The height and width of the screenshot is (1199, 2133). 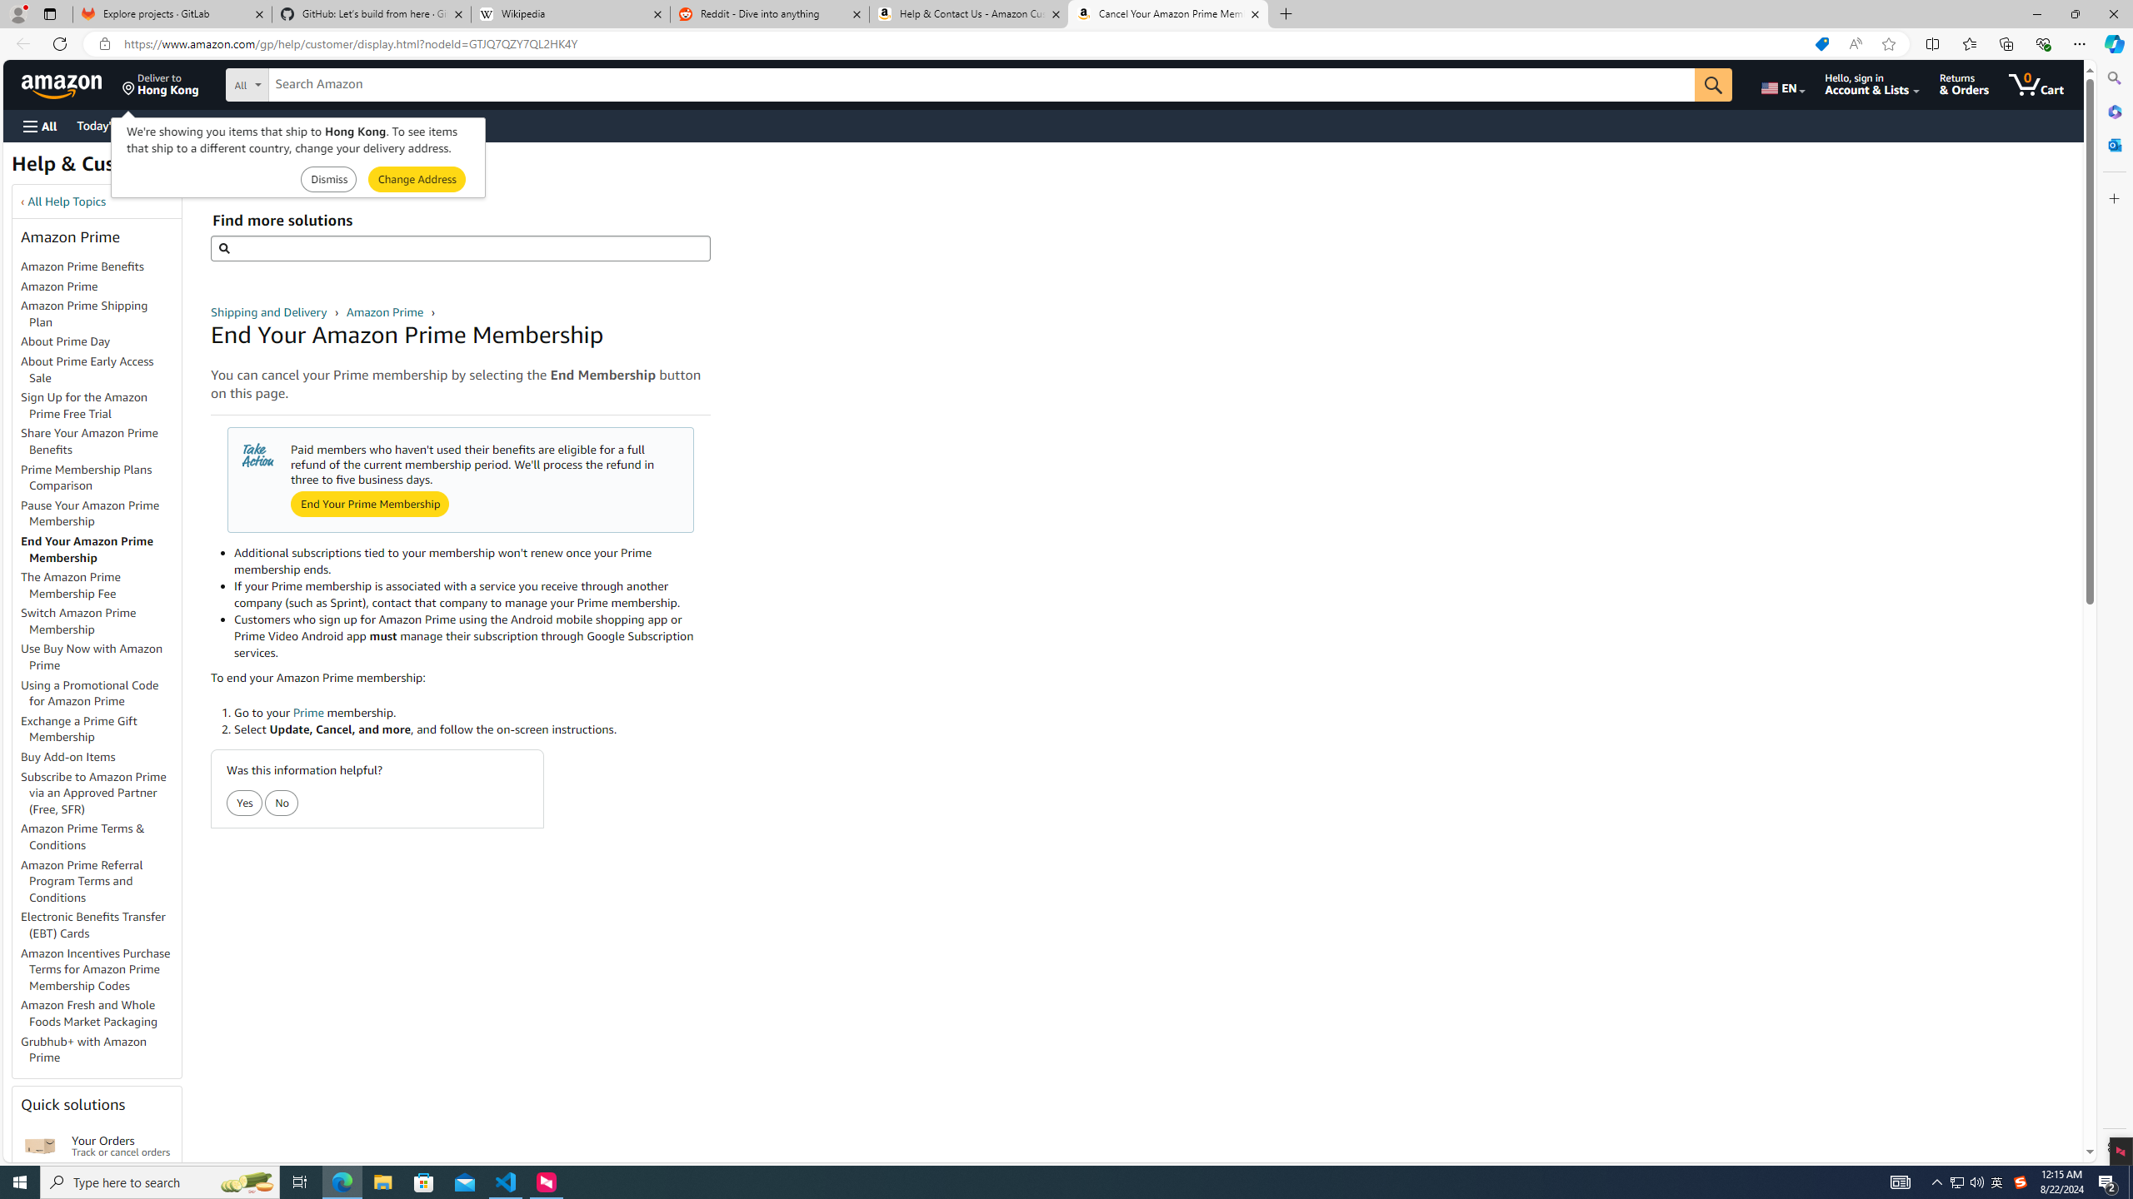 I want to click on '0 items in cart', so click(x=2035, y=83).